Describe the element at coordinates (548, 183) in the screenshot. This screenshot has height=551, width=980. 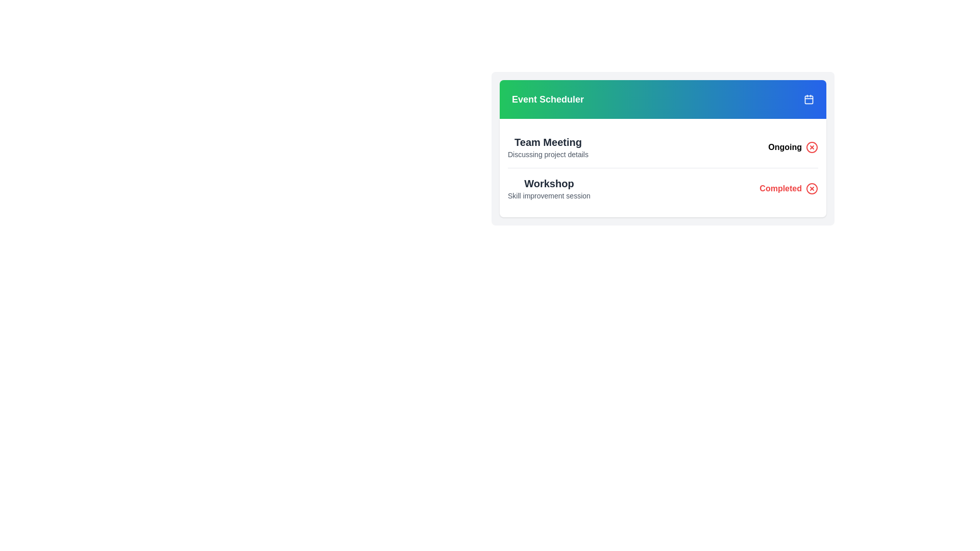
I see `the static text label that identifies the event type as 'Workshop' within the 'Event Scheduler' card layout` at that location.